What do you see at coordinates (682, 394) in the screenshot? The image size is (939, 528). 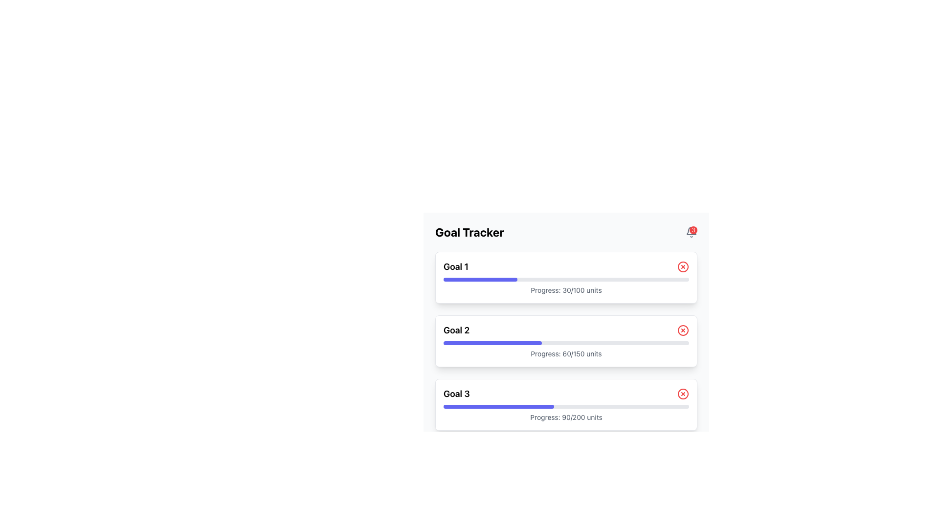 I see `the circular red-bordered icon with an 'X' symbol in the Goal 3 section` at bounding box center [682, 394].